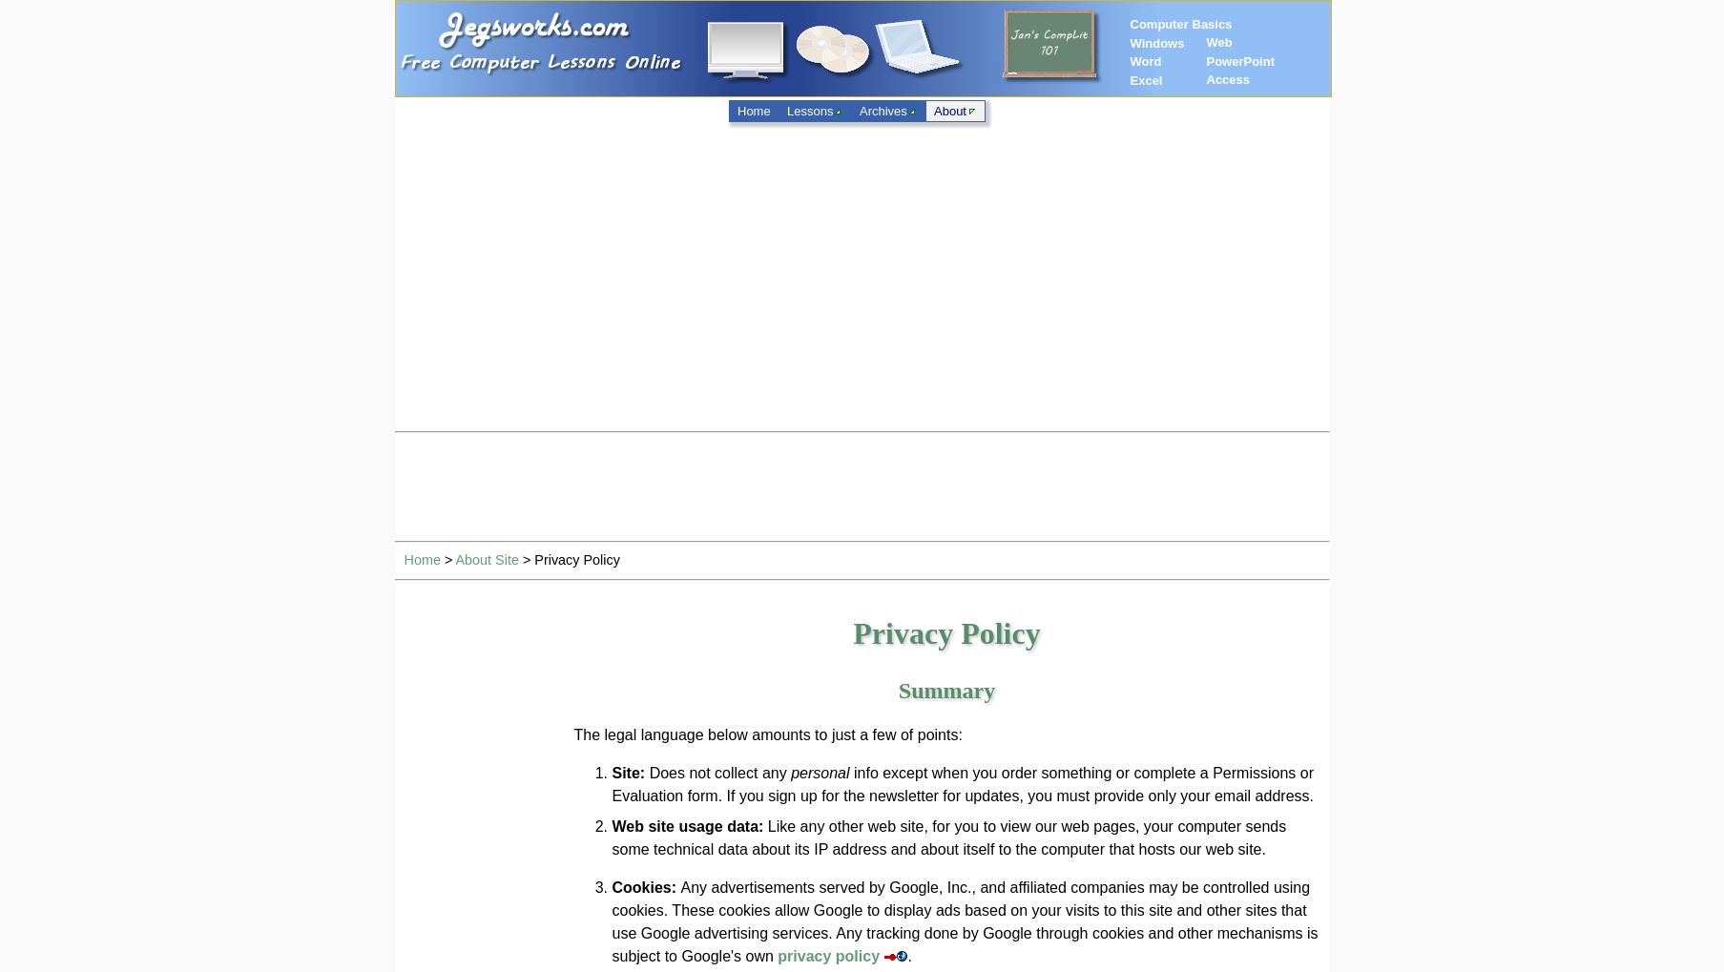  What do you see at coordinates (948, 837) in the screenshot?
I see `'Like any other web site, for you to view our web pages, your computer sends some technical data about its IP address and about itself to the computer that hosts our web site.'` at bounding box center [948, 837].